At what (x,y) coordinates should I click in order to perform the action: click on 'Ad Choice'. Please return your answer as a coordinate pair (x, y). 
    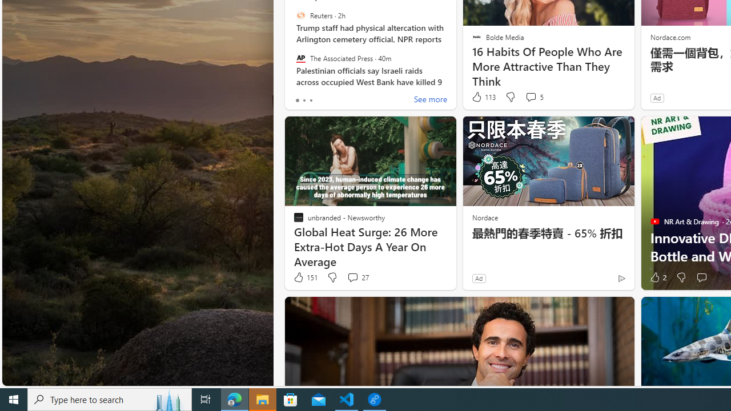
    Looking at the image, I should click on (621, 278).